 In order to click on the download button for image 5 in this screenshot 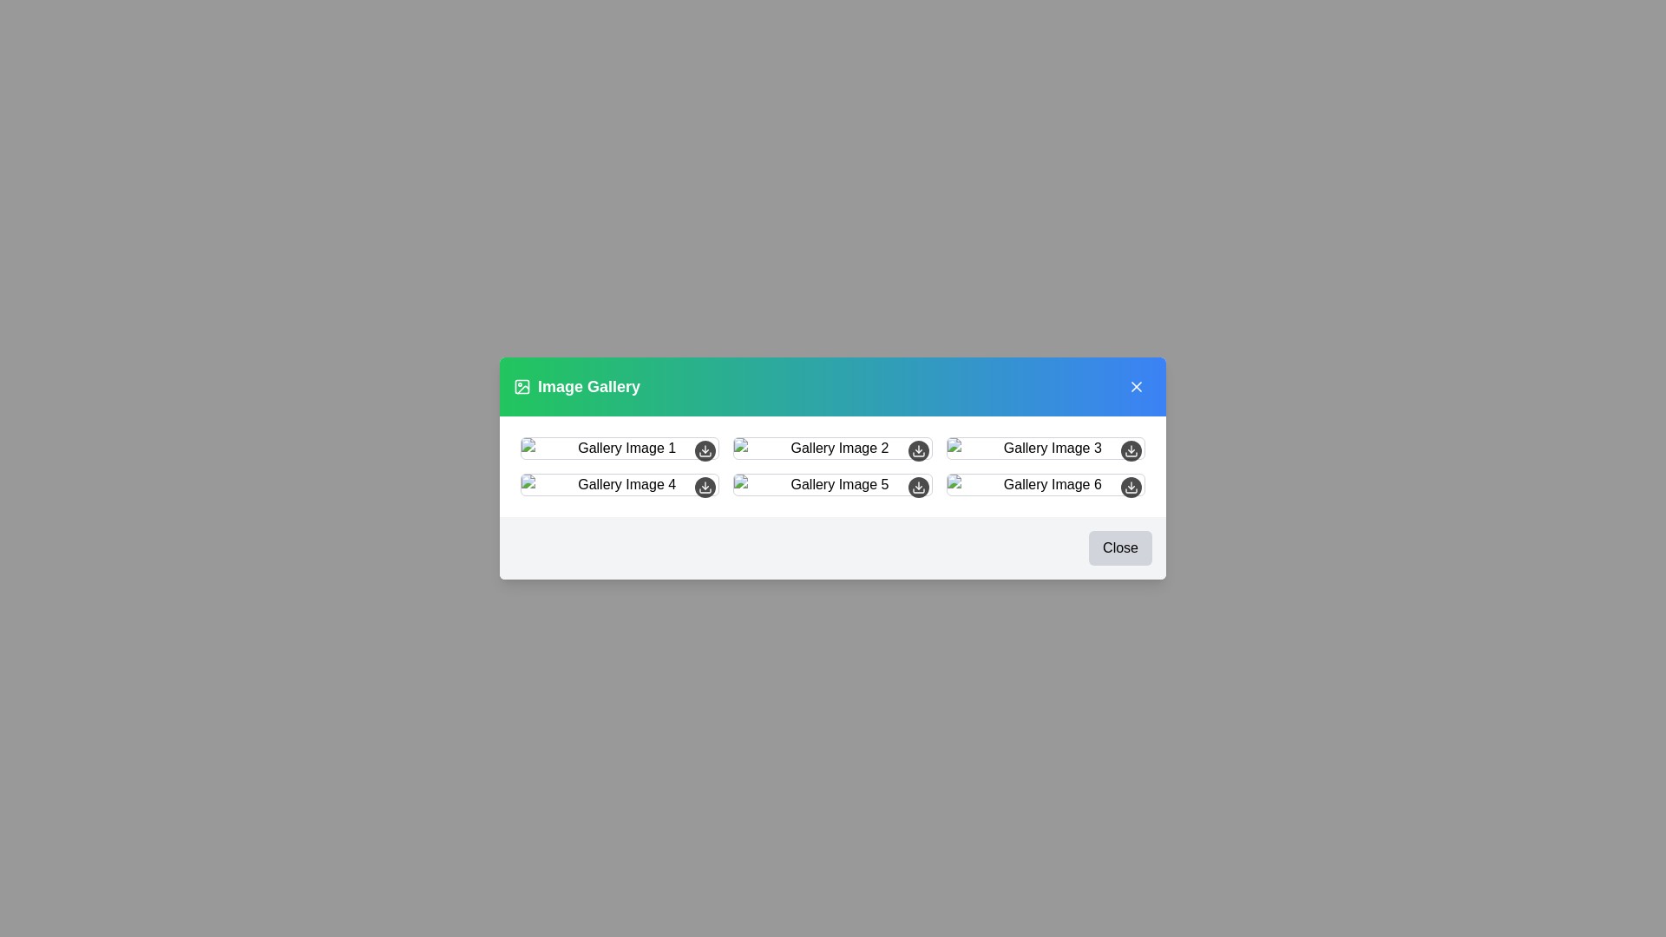, I will do `click(916, 488)`.